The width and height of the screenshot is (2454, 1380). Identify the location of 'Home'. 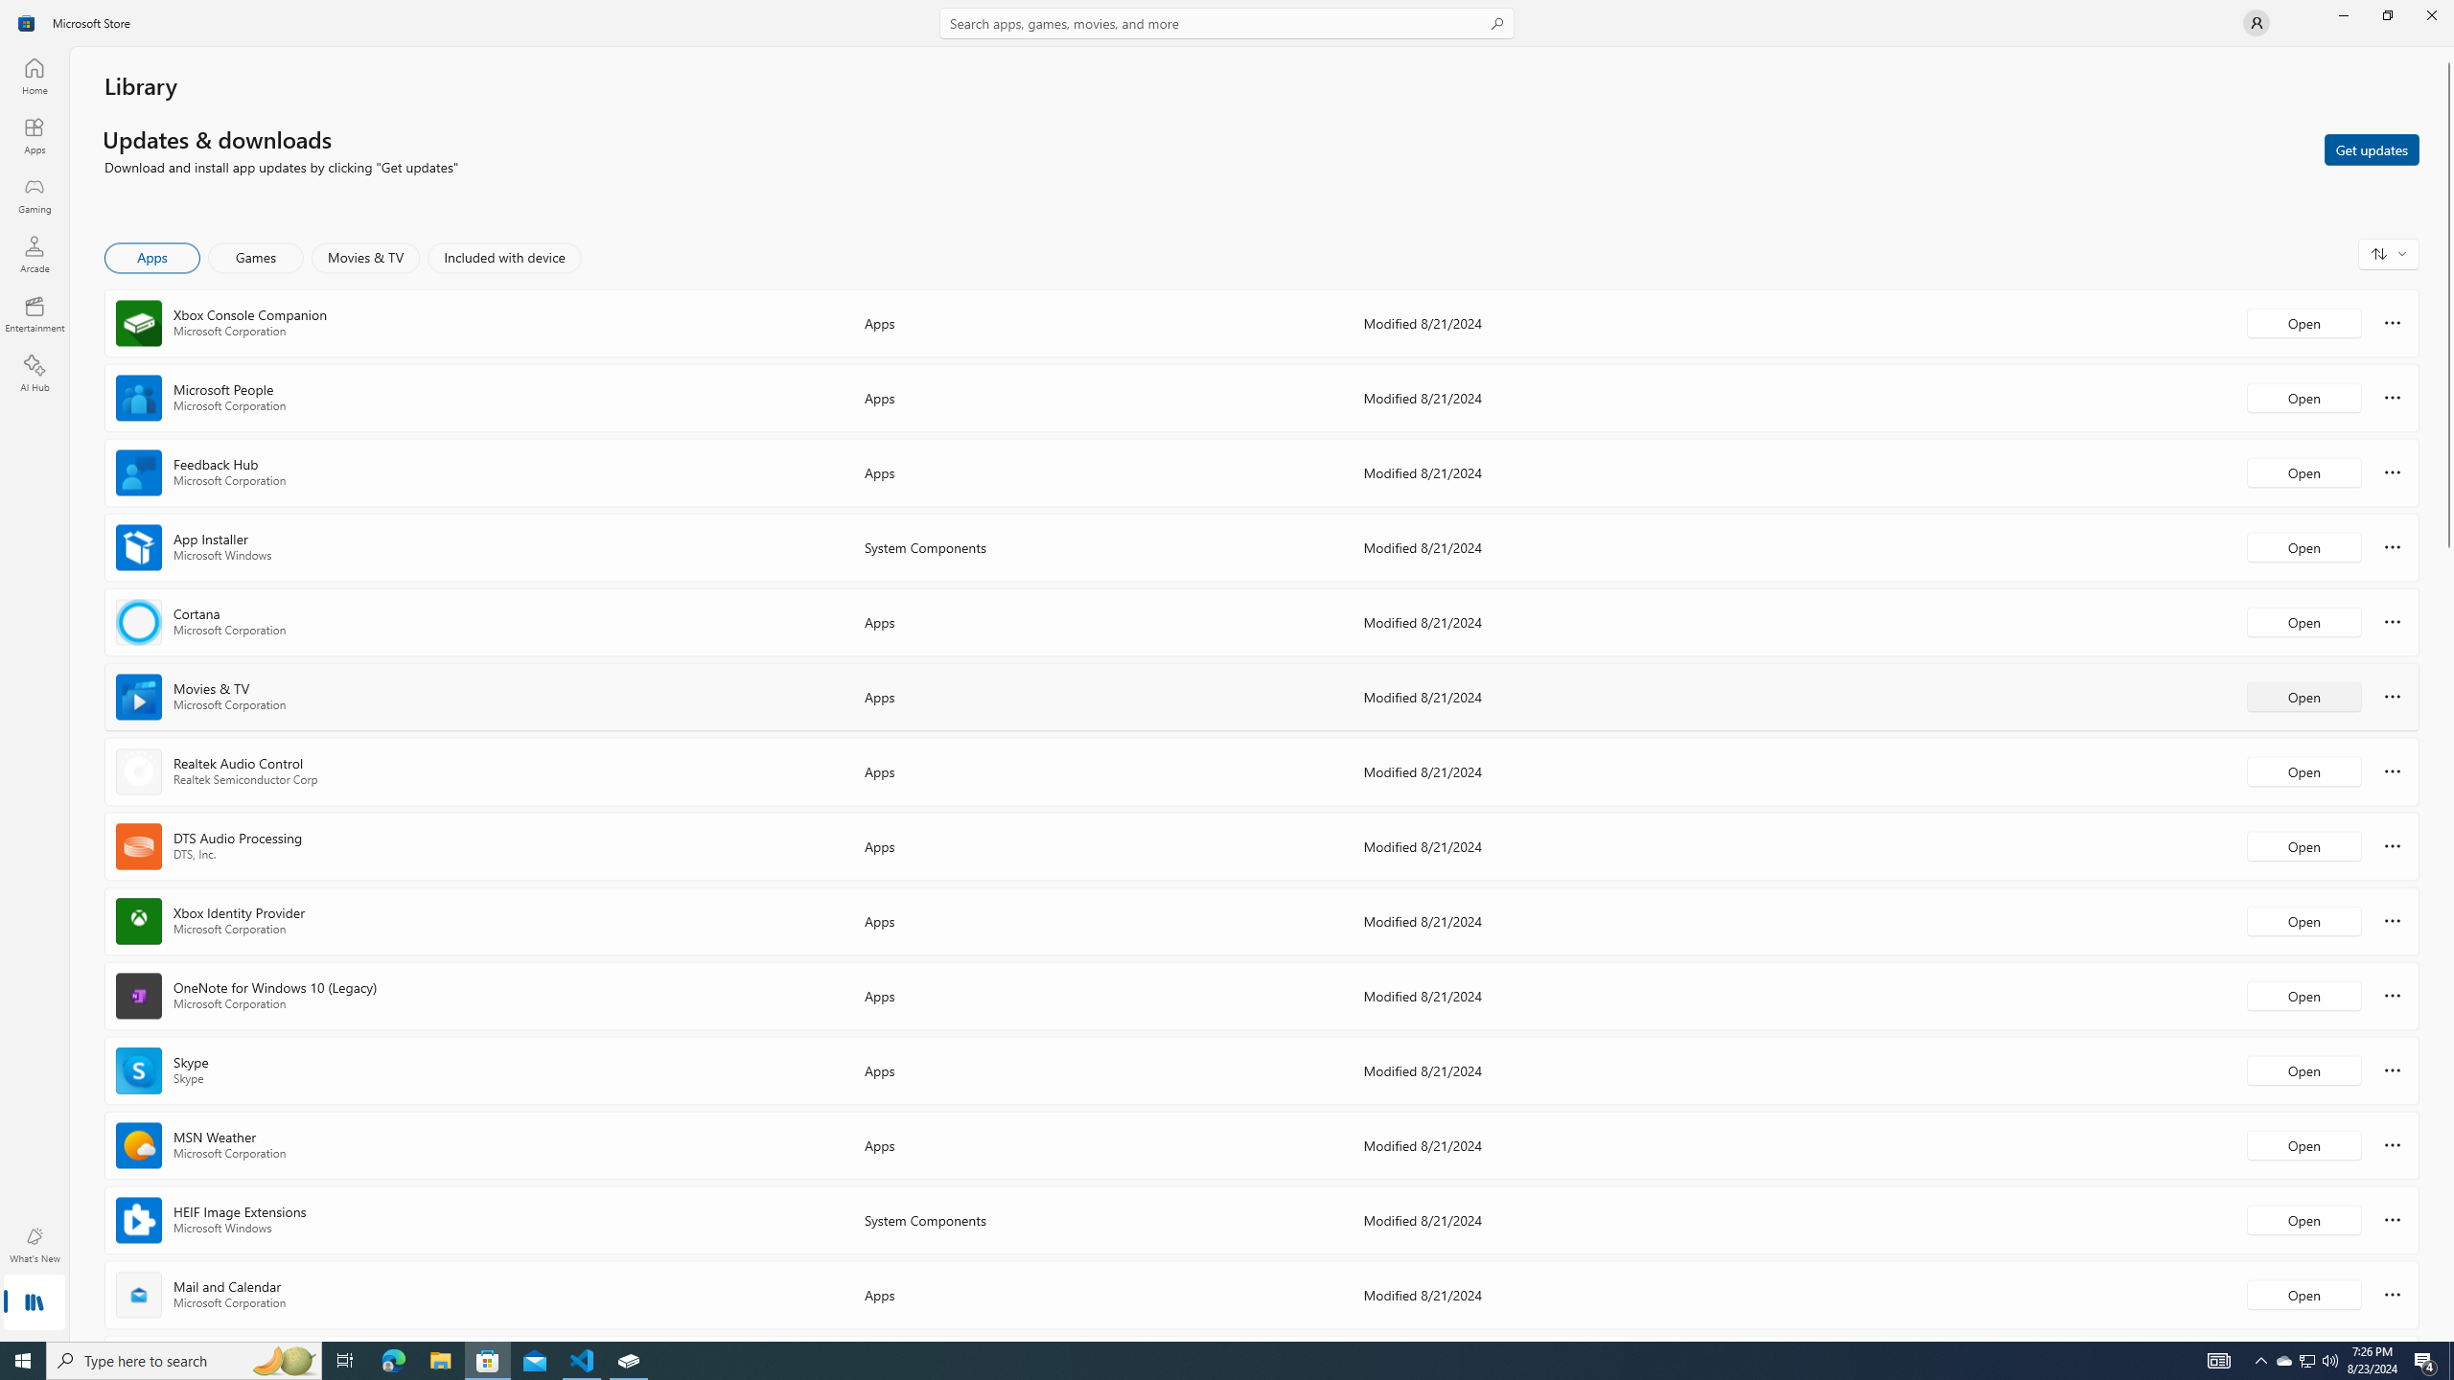
(33, 75).